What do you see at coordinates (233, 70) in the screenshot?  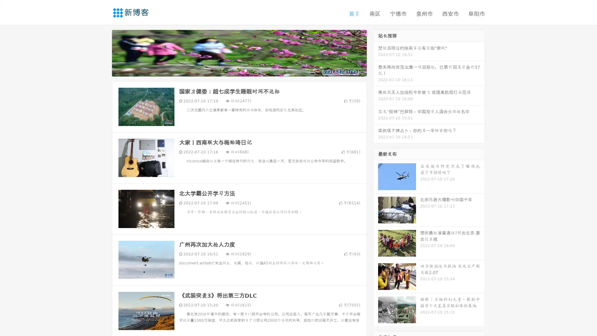 I see `Go to slide 1` at bounding box center [233, 70].